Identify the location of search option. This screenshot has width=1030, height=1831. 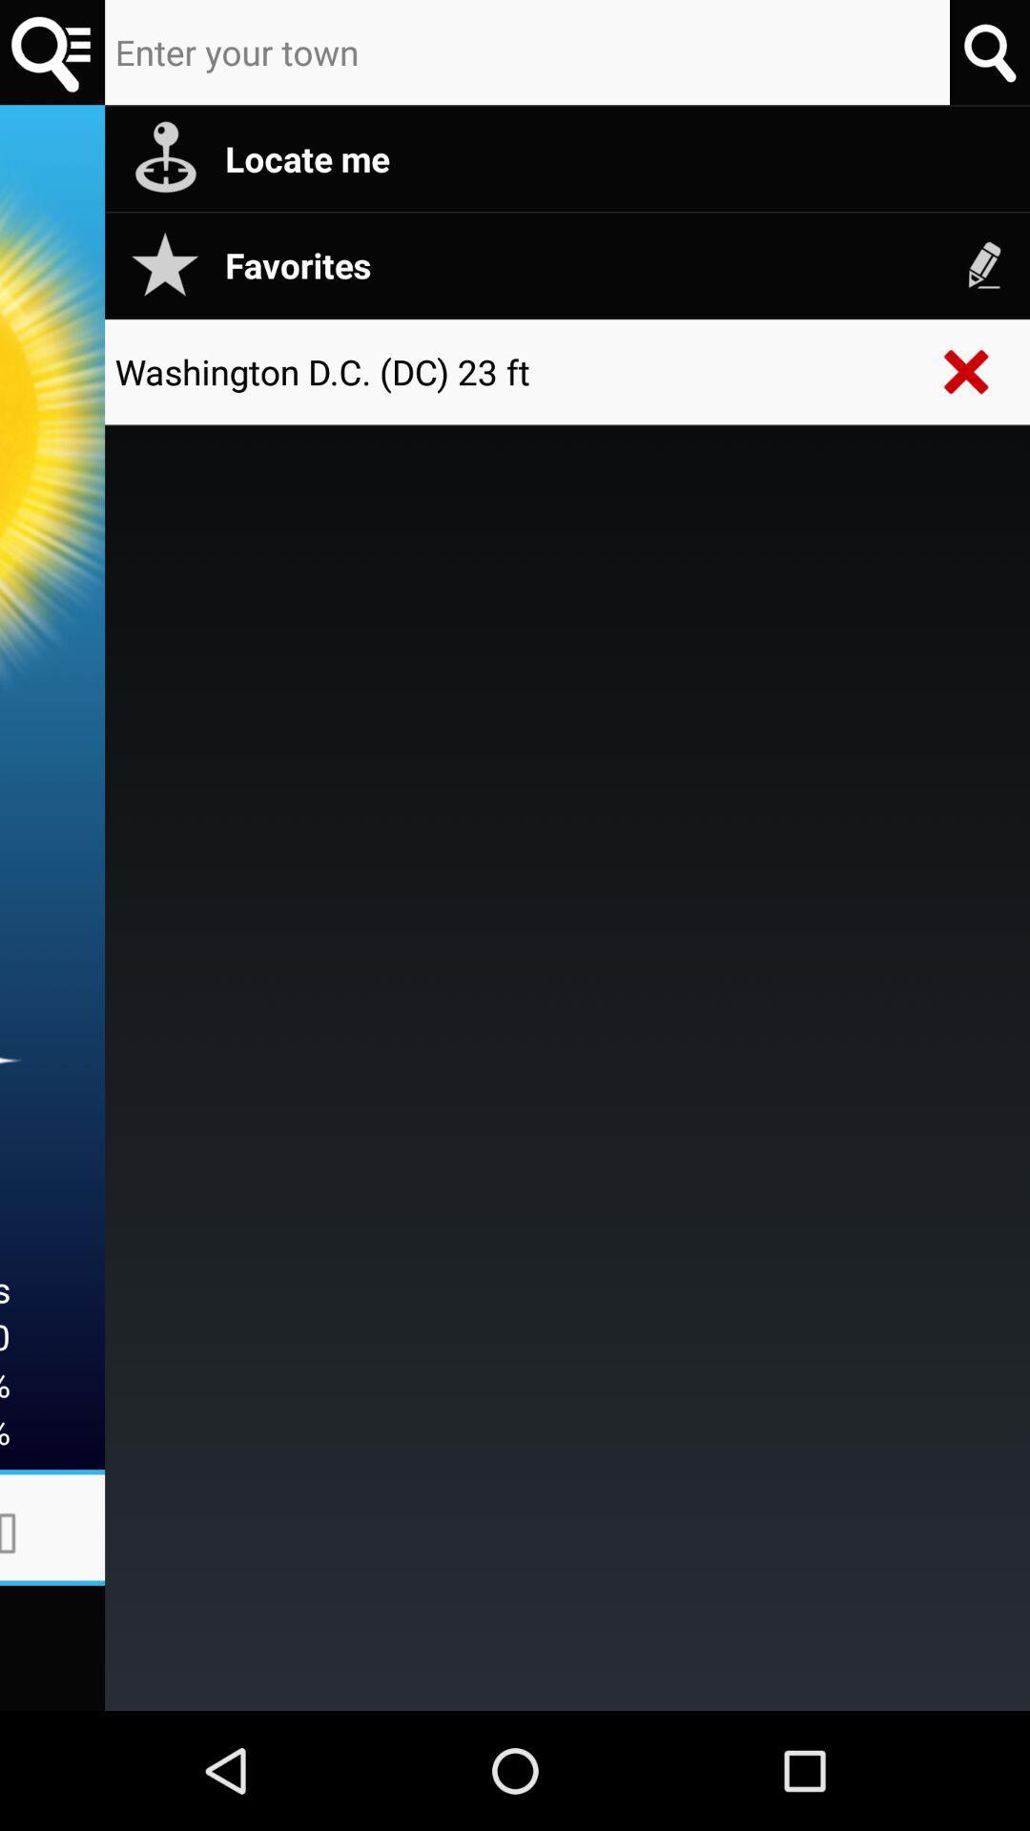
(988, 51).